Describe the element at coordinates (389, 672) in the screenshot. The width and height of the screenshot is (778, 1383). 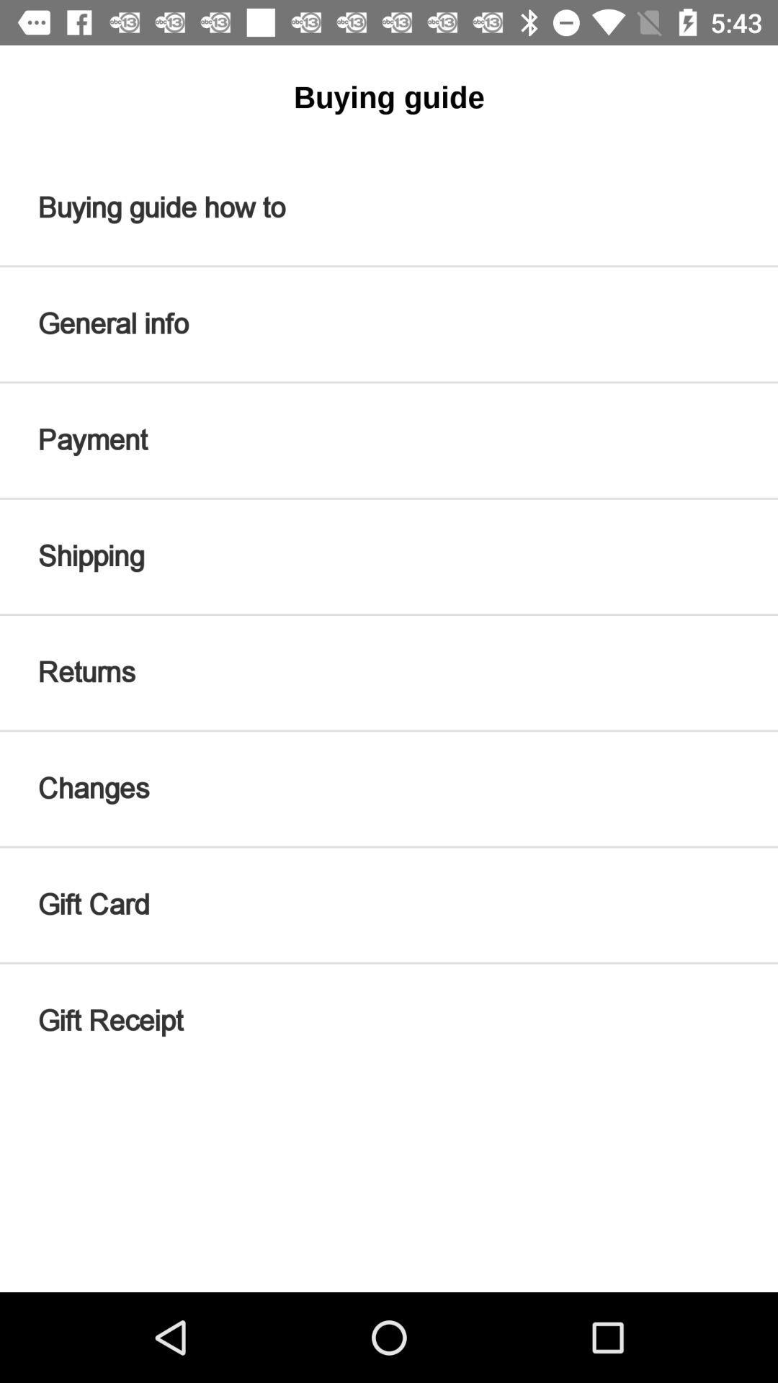
I see `the returns item` at that location.